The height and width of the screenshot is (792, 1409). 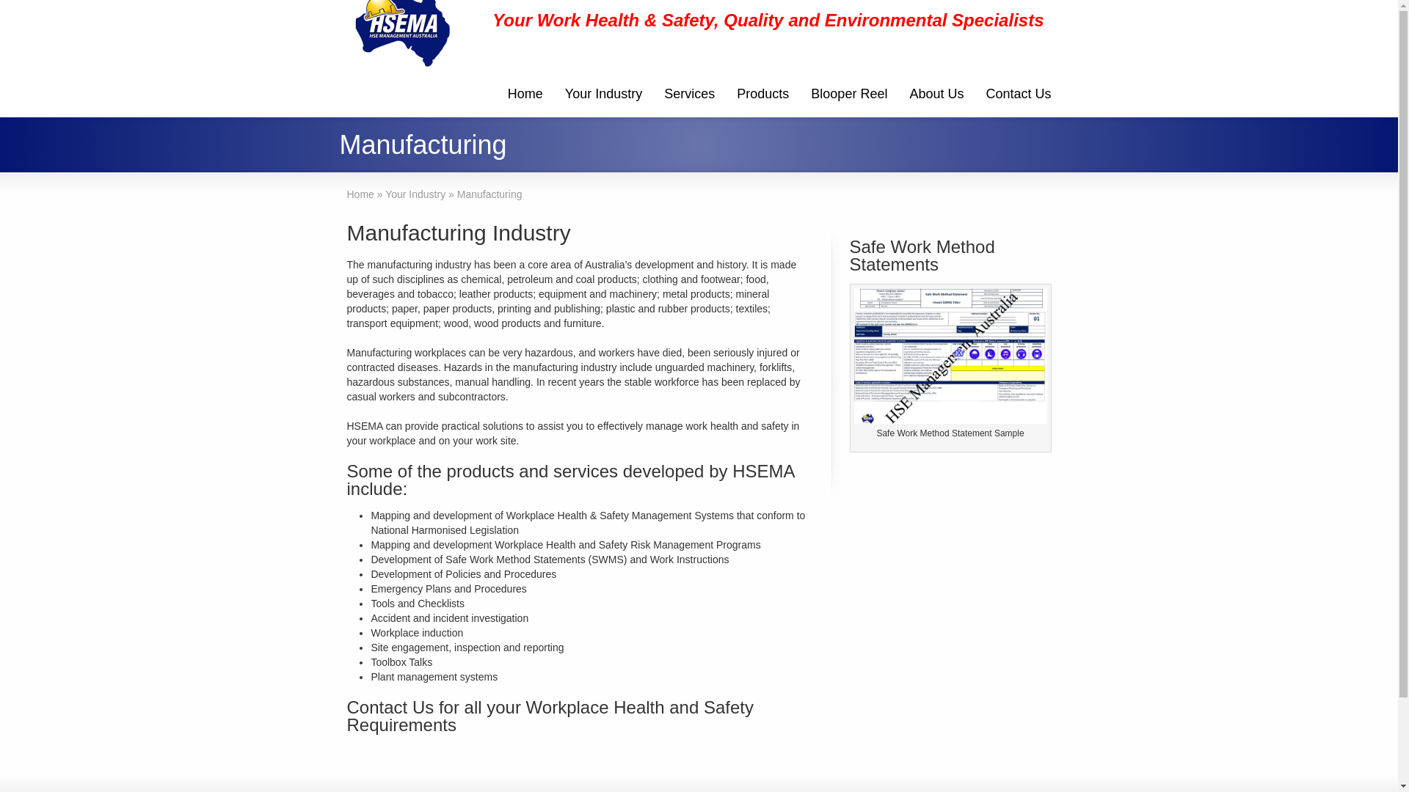 What do you see at coordinates (936, 95) in the screenshot?
I see `'About Us'` at bounding box center [936, 95].